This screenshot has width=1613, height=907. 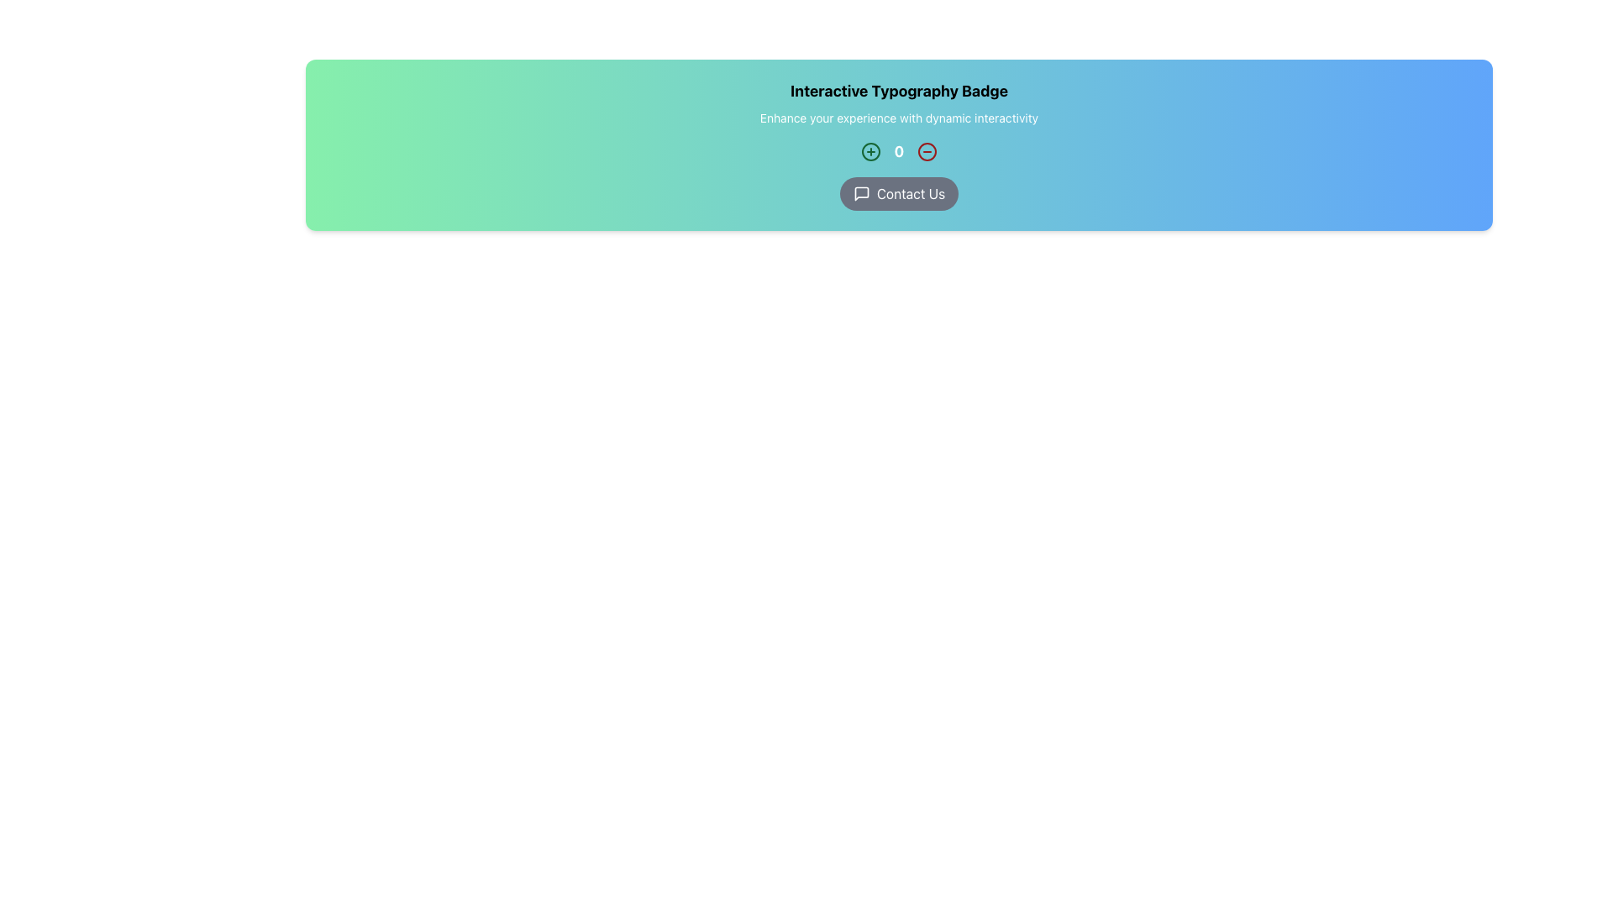 I want to click on the green circular button with a plus symbol, which is the first icon in a row of three below the header subtitle, to observe hover effects, so click(x=870, y=152).